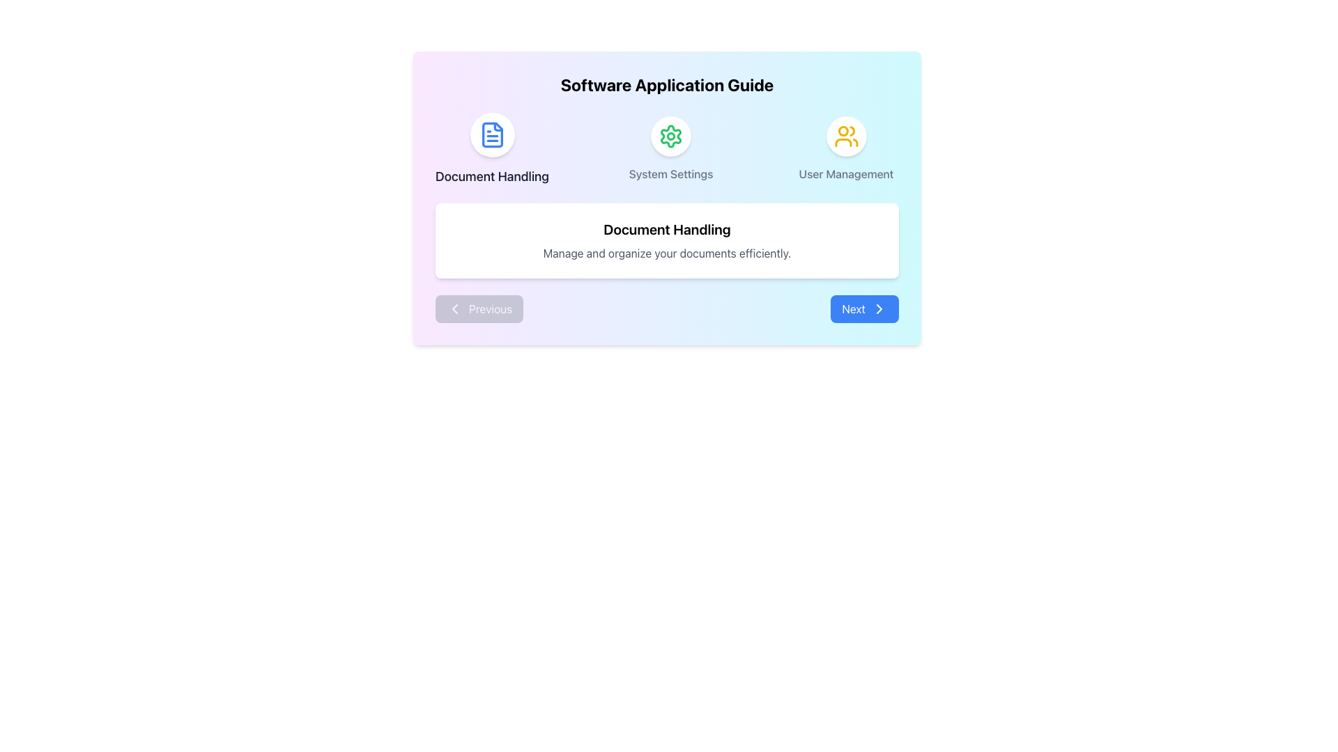 The width and height of the screenshot is (1338, 752). I want to click on the circular Icon Button with a white background and a golden-yellow icon of stylized users, located in the User Management section at the top-right corner of the interface, so click(845, 136).